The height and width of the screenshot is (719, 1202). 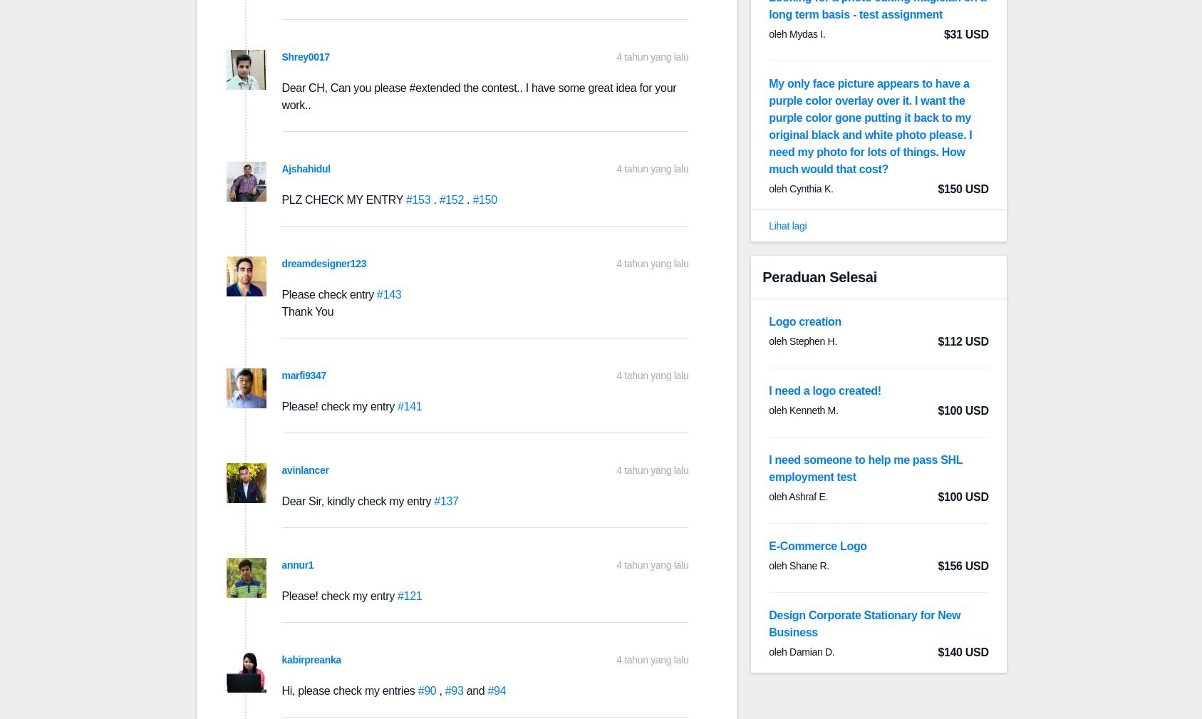 I want to click on '#141', so click(x=396, y=406).